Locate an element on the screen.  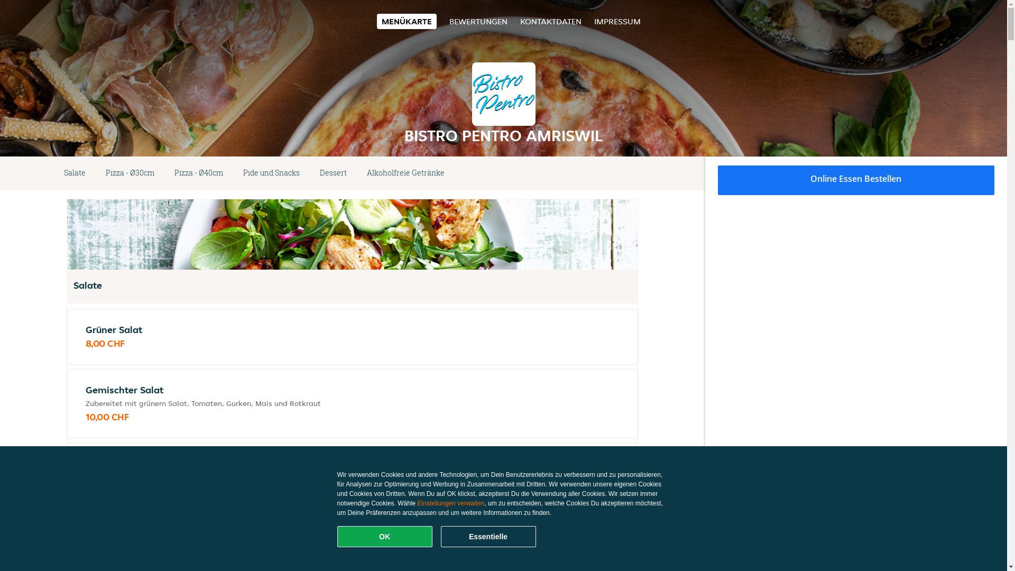
'Pide und Snacks' is located at coordinates (271, 172).